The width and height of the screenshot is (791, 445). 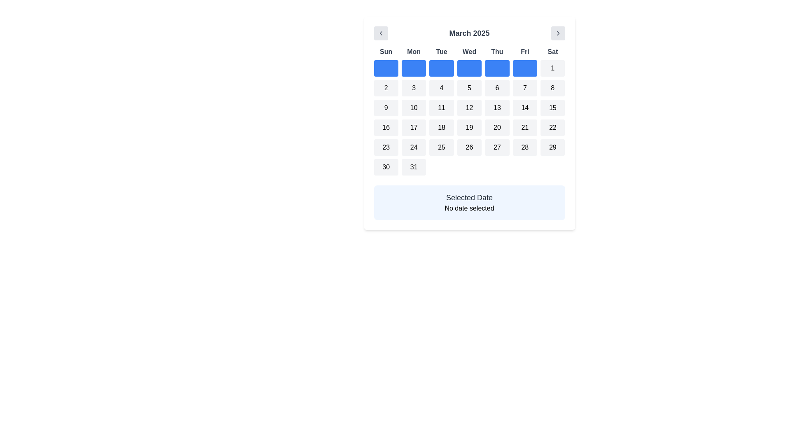 I want to click on the rounded rectangular button labeled '29' with a light gray background, located in the sixth row and seventh column of the calendar grid under 'Sat', so click(x=552, y=147).